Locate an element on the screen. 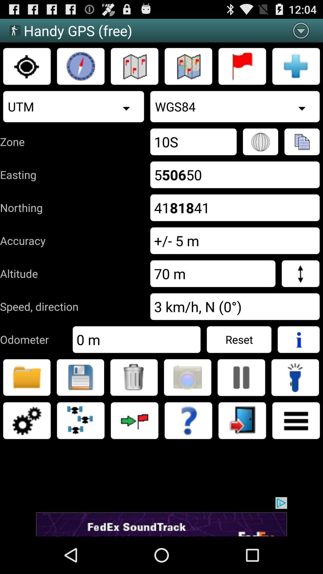 The width and height of the screenshot is (323, 574). the delete icon is located at coordinates (134, 404).